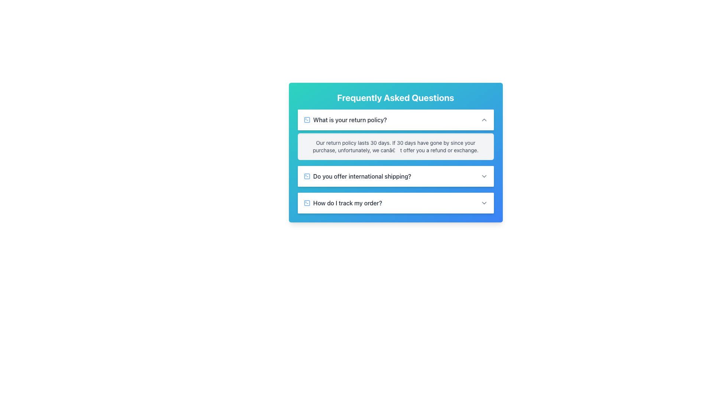 Image resolution: width=713 pixels, height=401 pixels. I want to click on the icon located in the center-right section of the list item labeled 'Do you offer international shipping?', so click(484, 176).